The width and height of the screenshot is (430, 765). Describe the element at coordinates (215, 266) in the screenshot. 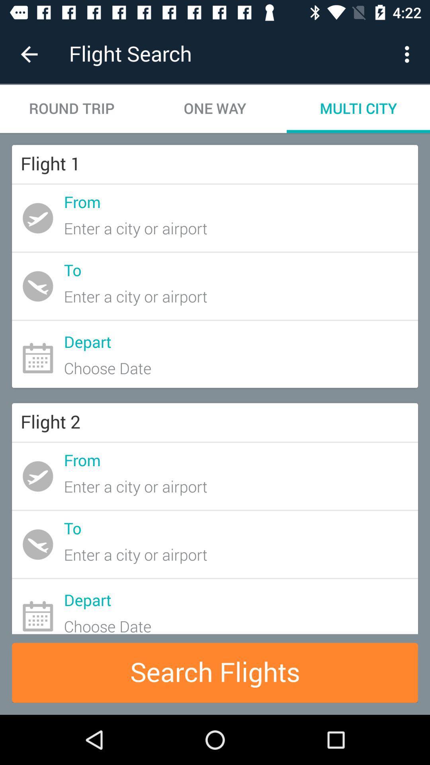

I see `the whole section flight 1` at that location.